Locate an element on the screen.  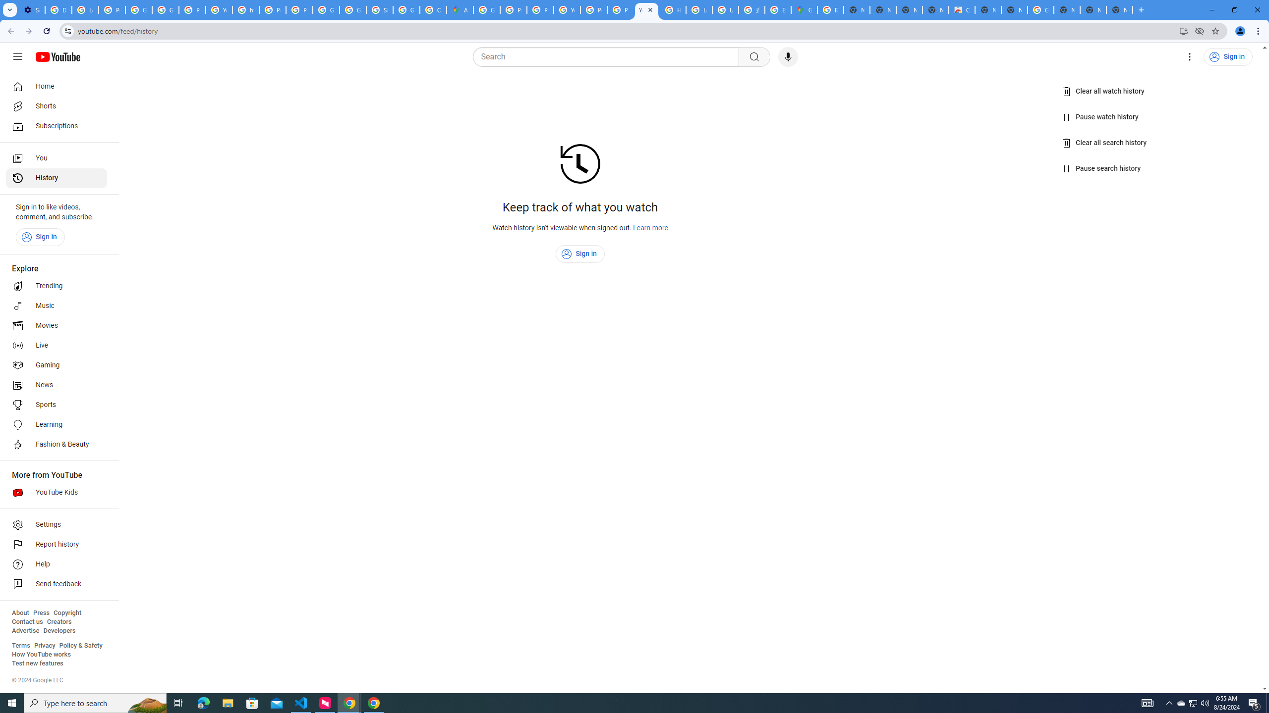
'Copyright' is located at coordinates (66, 612).